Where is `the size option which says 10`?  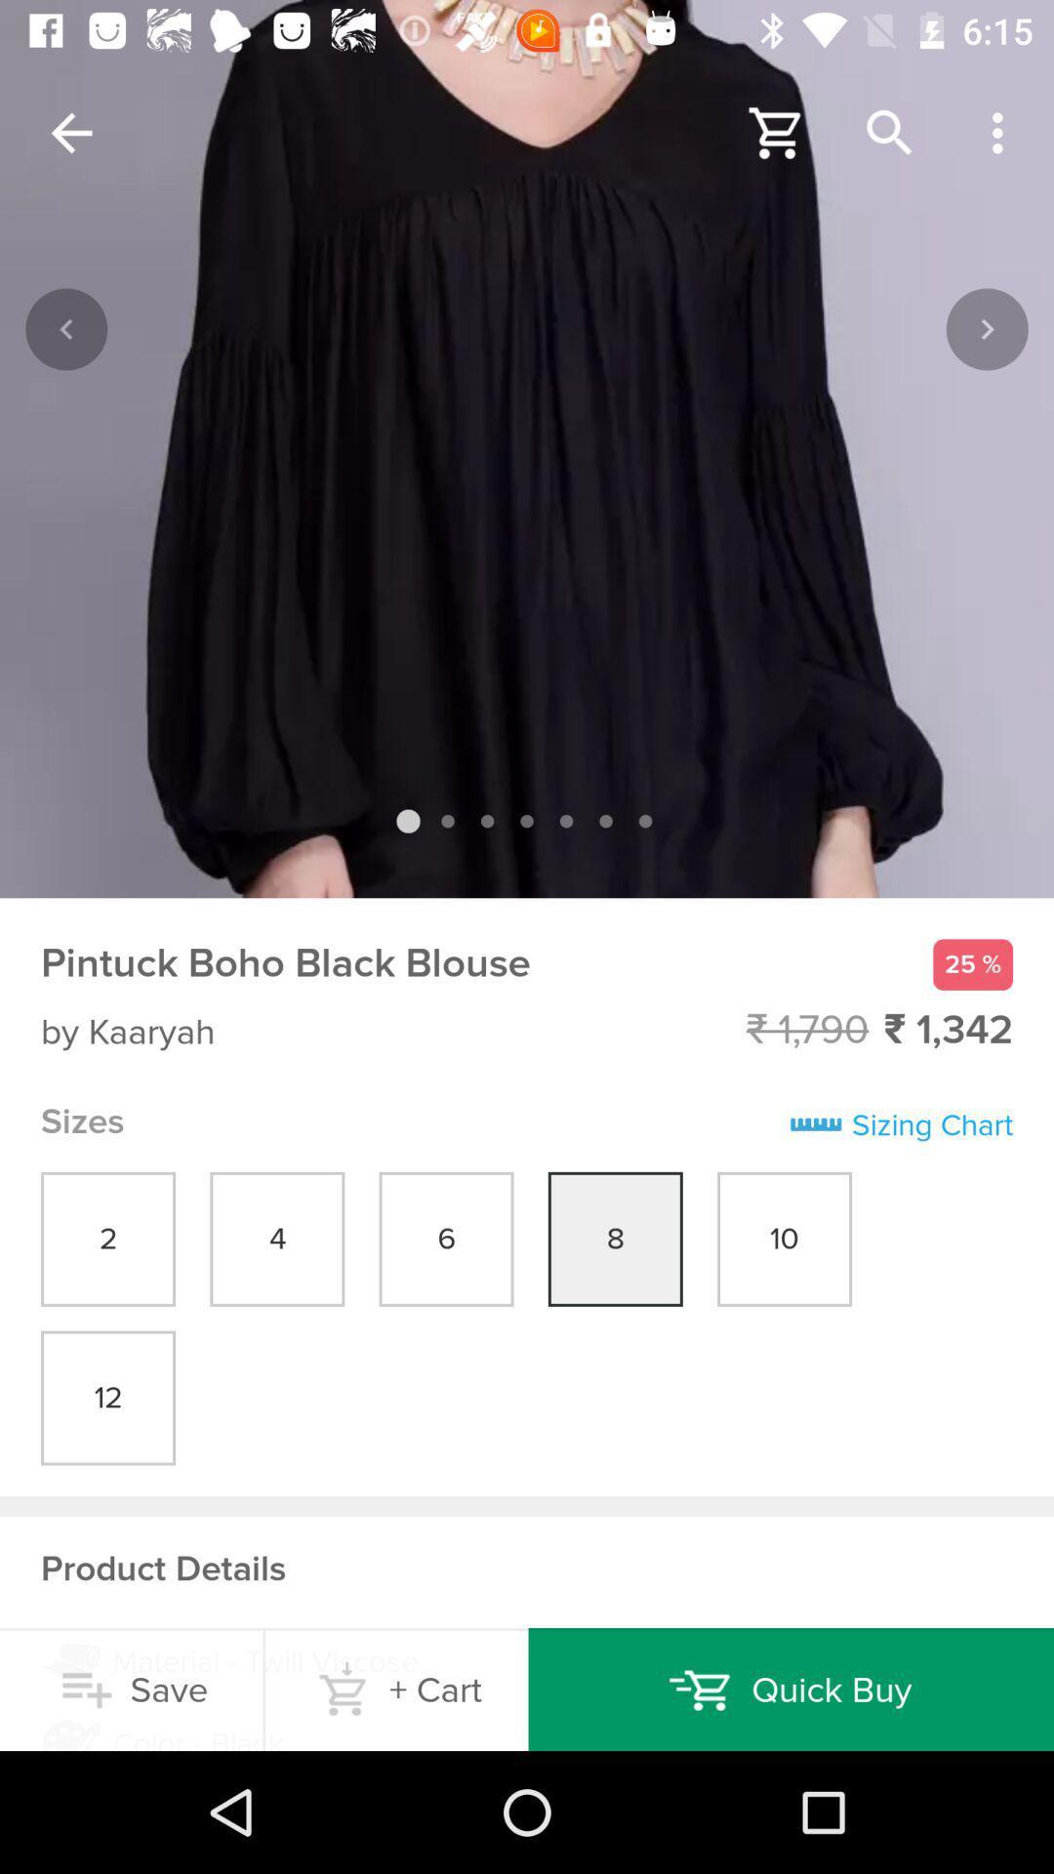 the size option which says 10 is located at coordinates (783, 1239).